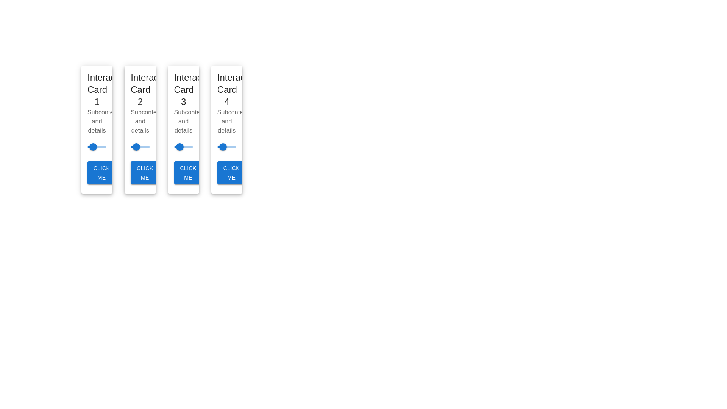  What do you see at coordinates (97, 147) in the screenshot?
I see `the blue circular thumb of the slider located in 'Interactive Card 1' below 'Subcontent and details' and above the 'Click Me' button` at bounding box center [97, 147].